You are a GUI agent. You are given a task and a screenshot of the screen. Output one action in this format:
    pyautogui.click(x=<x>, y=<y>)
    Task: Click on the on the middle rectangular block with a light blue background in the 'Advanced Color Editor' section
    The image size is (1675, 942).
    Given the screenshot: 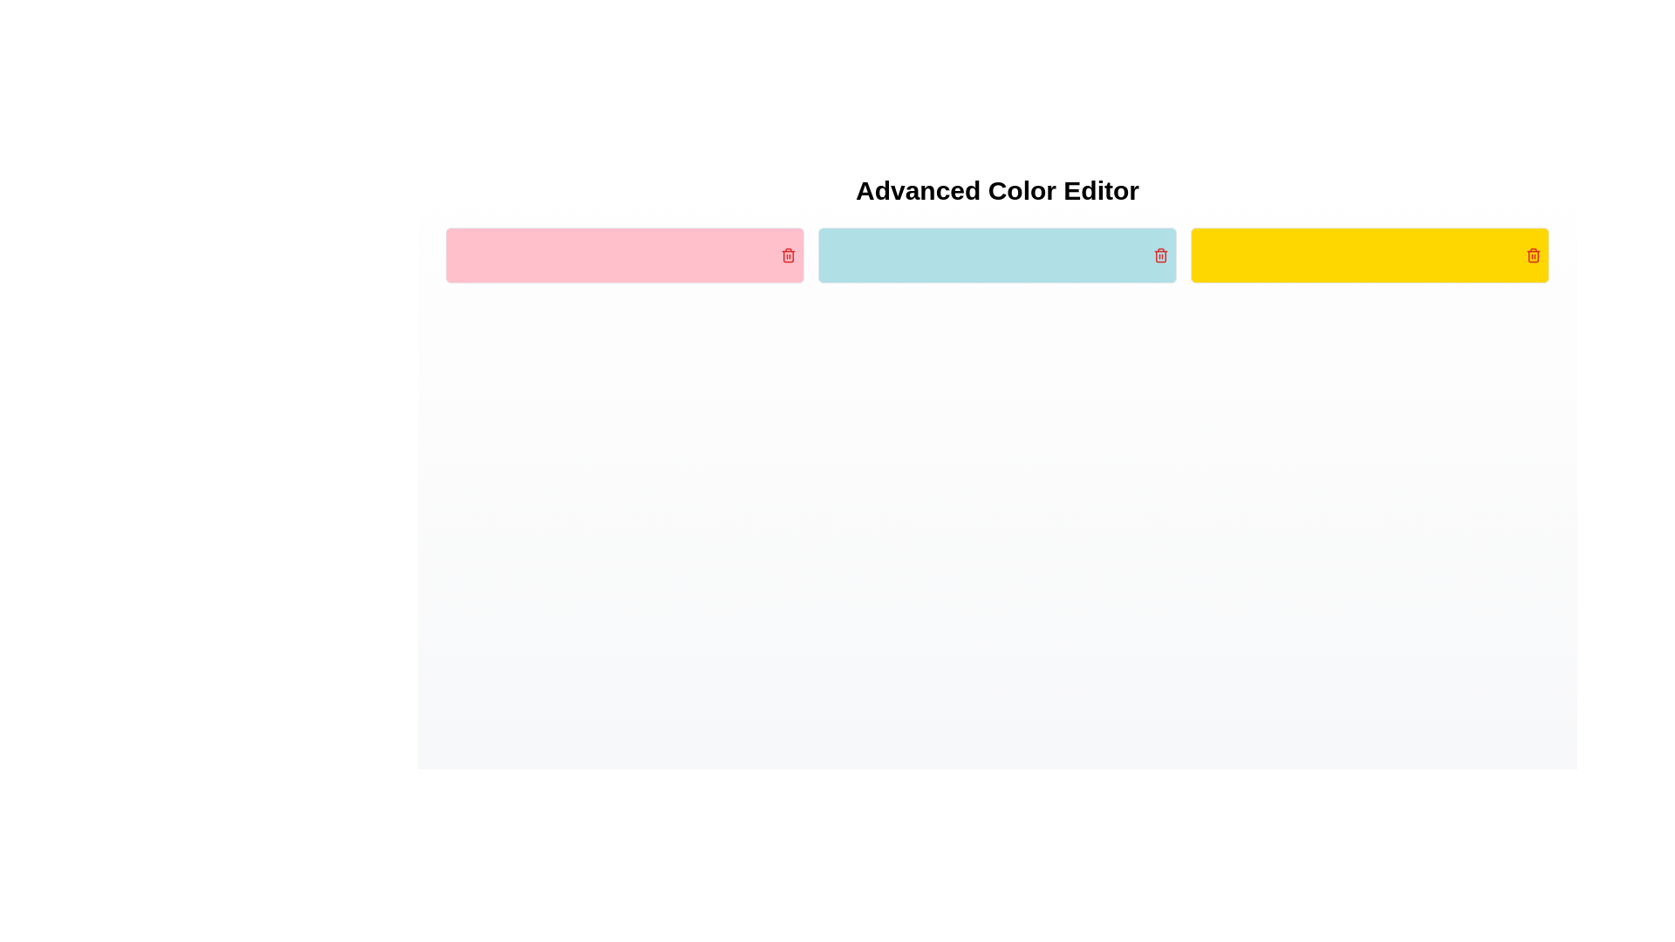 What is the action you would take?
    pyautogui.click(x=982, y=256)
    